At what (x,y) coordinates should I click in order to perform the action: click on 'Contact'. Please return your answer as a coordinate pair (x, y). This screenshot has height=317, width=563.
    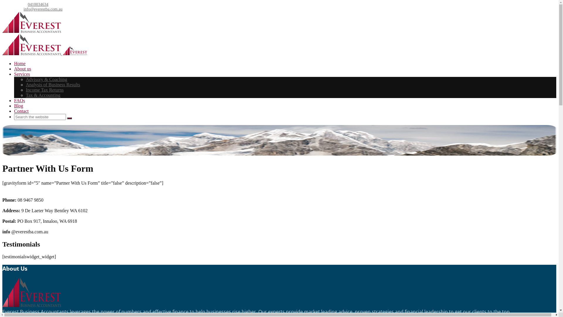
    Looking at the image, I should click on (14, 111).